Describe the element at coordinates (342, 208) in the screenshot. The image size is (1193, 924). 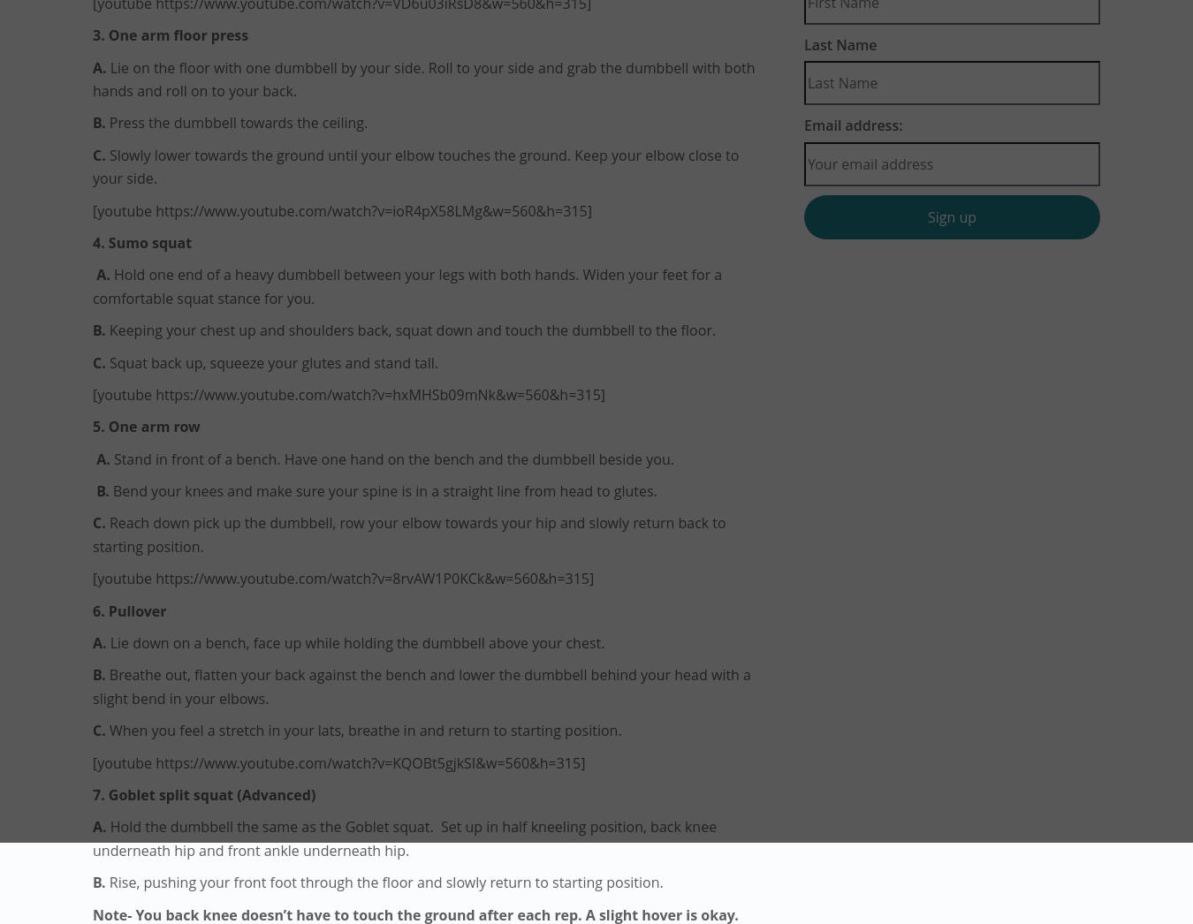
I see `'[youtube https://www.youtube.com/watch?v=ioR4pX58LMg&w=560&h=315]'` at that location.